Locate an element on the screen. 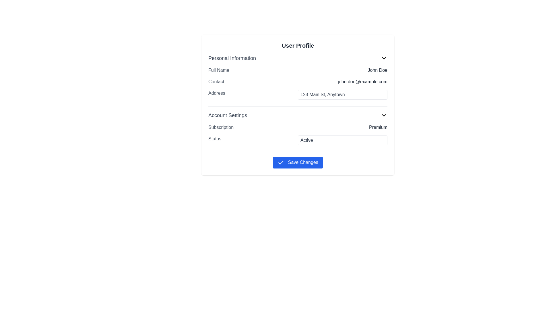 The image size is (551, 310). the 'Premium' text label, which is displayed in a bold, dark gray font under the 'Account Settings' section and is positioned near the upper-right region of the page is located at coordinates (378, 127).